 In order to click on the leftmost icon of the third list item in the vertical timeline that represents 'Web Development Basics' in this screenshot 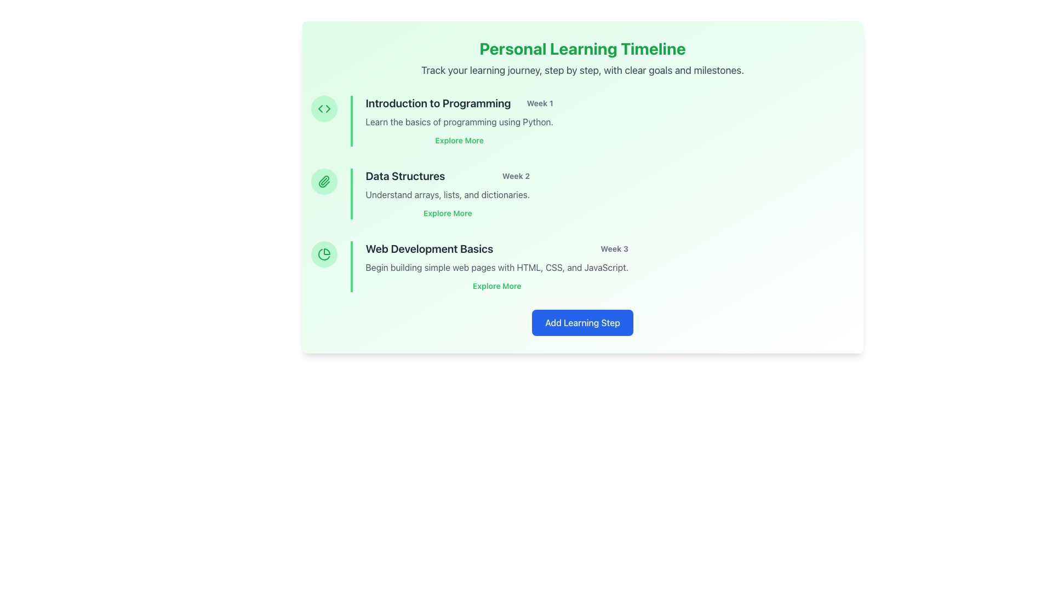, I will do `click(326, 251)`.